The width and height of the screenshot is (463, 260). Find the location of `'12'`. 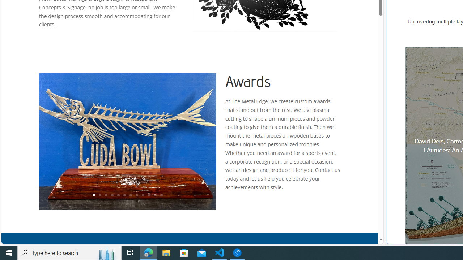

'12' is located at coordinates (161, 195).